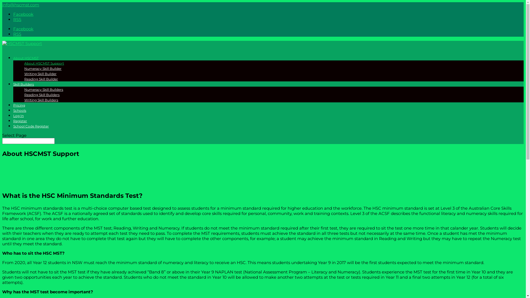  I want to click on 'About HSCMST Support', so click(24, 63).